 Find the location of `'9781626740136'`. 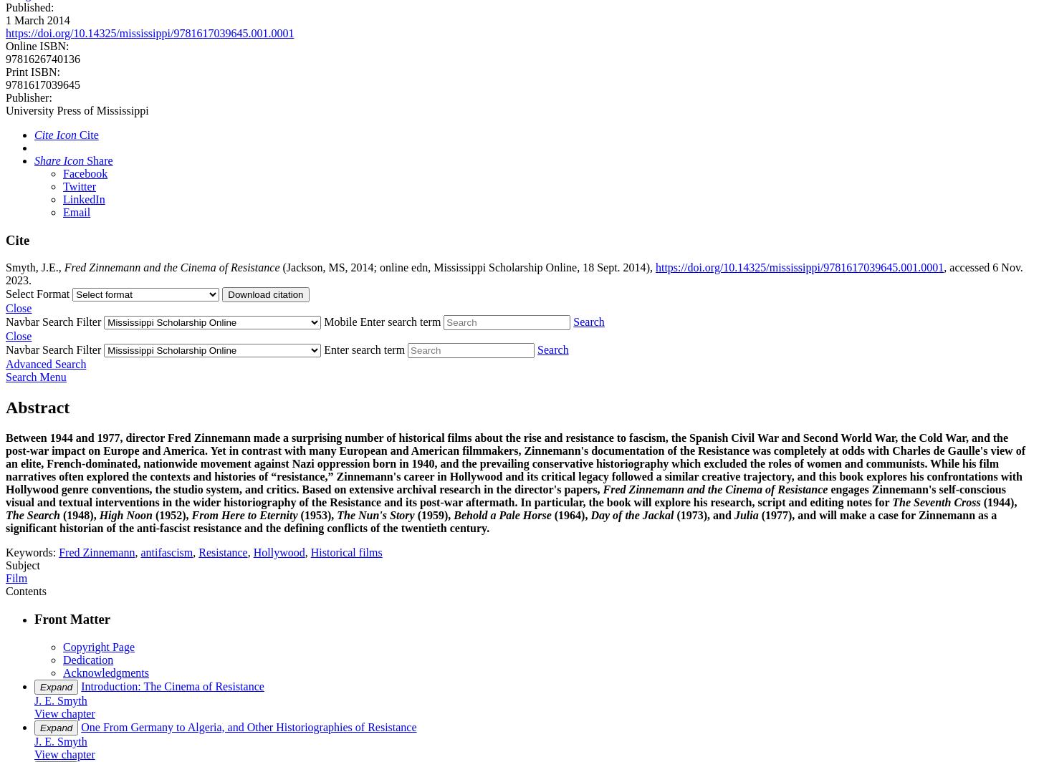

'9781626740136' is located at coordinates (43, 58).